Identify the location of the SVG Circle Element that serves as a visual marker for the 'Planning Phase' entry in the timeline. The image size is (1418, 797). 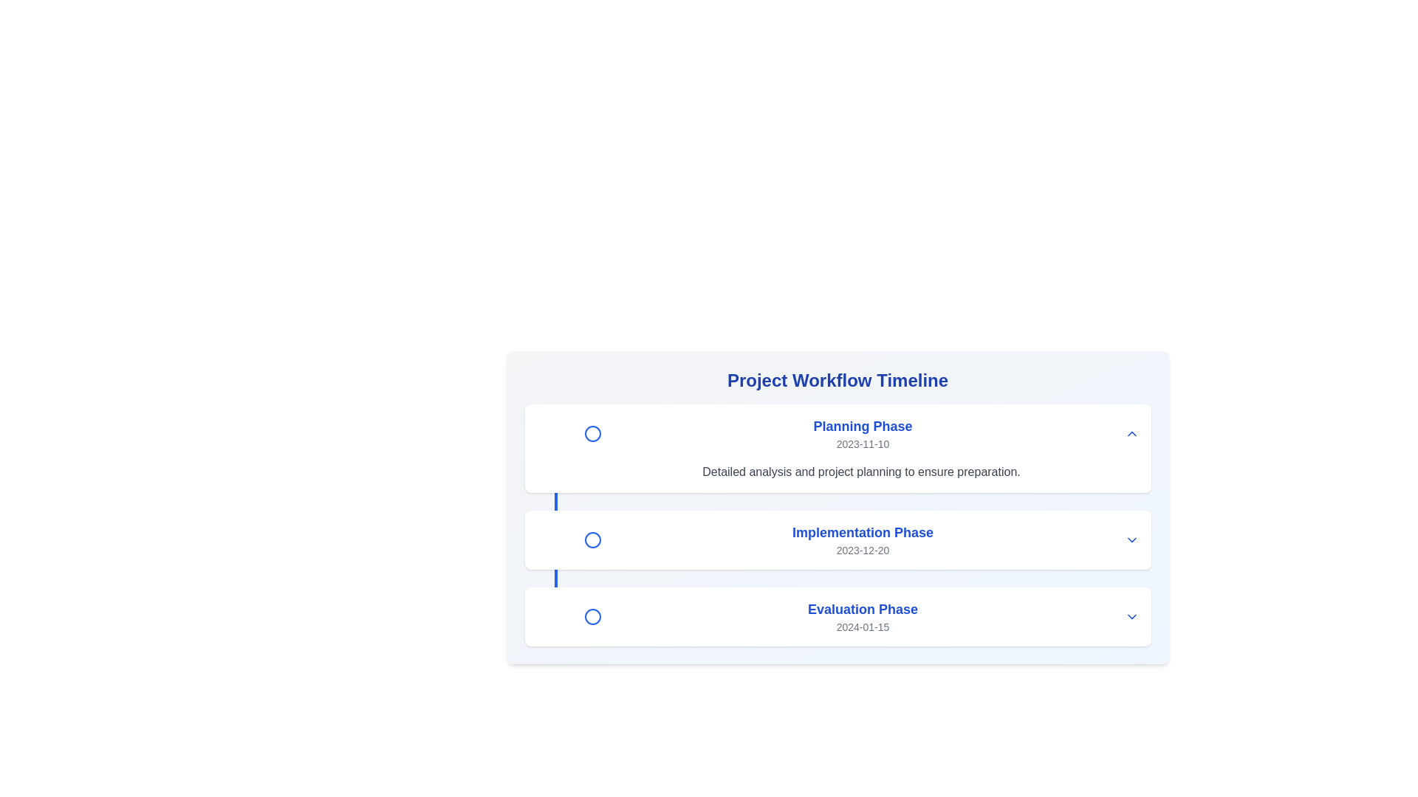
(592, 432).